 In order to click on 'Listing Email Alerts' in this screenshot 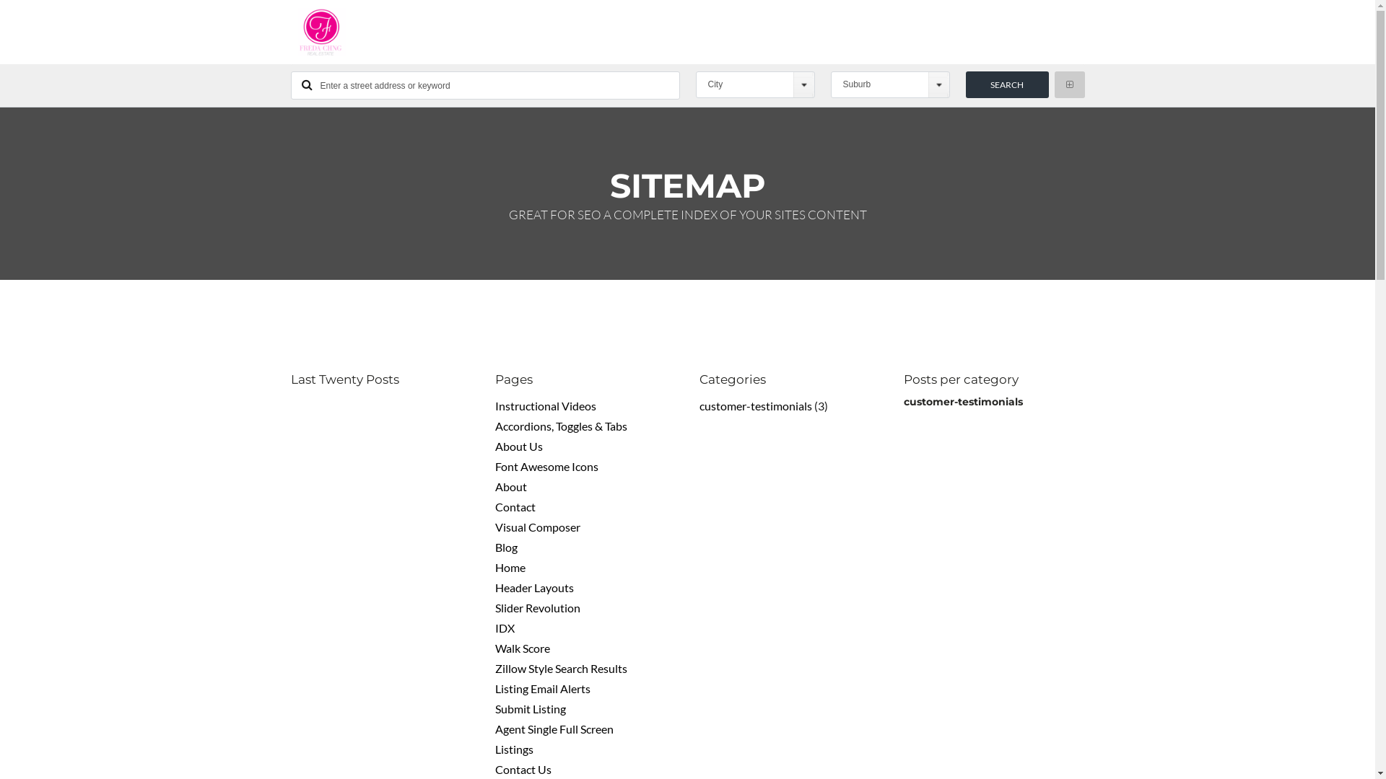, I will do `click(542, 687)`.